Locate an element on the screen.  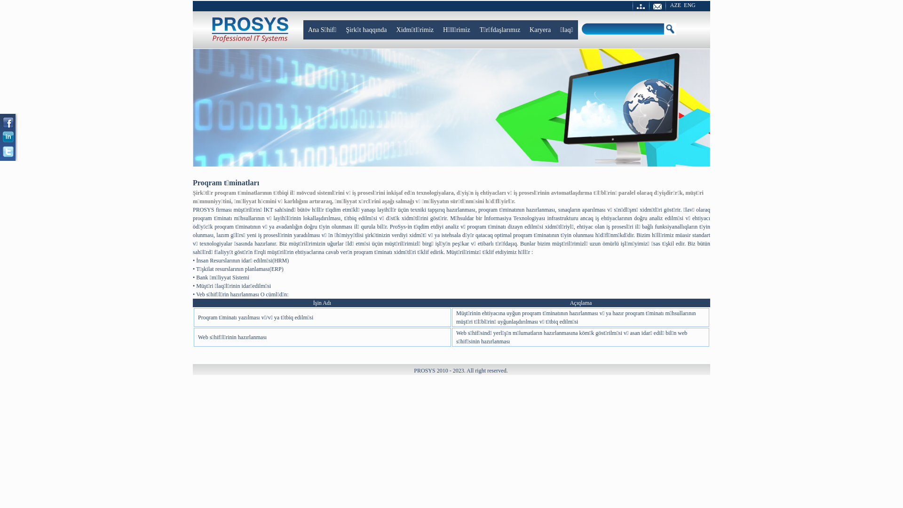
'Karyera' is located at coordinates (540, 29).